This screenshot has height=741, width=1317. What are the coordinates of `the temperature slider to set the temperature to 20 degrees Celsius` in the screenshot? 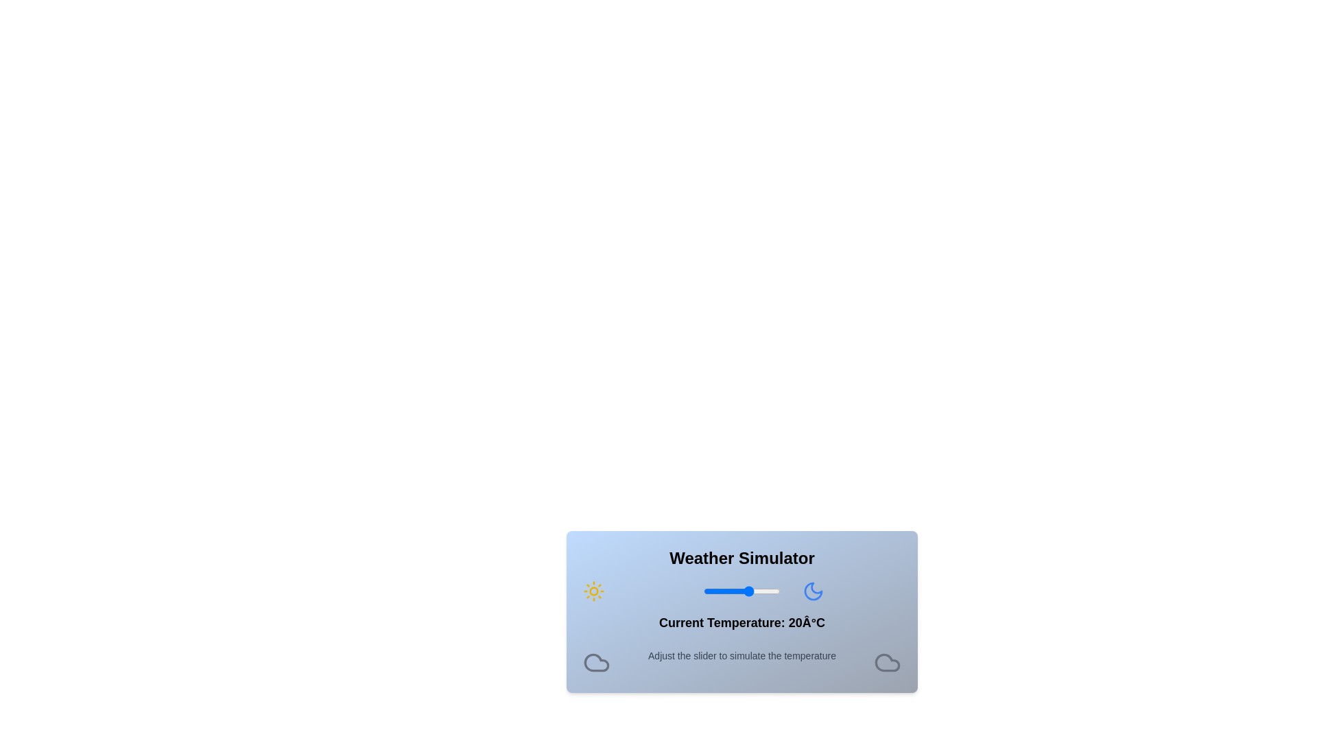 It's located at (749, 590).